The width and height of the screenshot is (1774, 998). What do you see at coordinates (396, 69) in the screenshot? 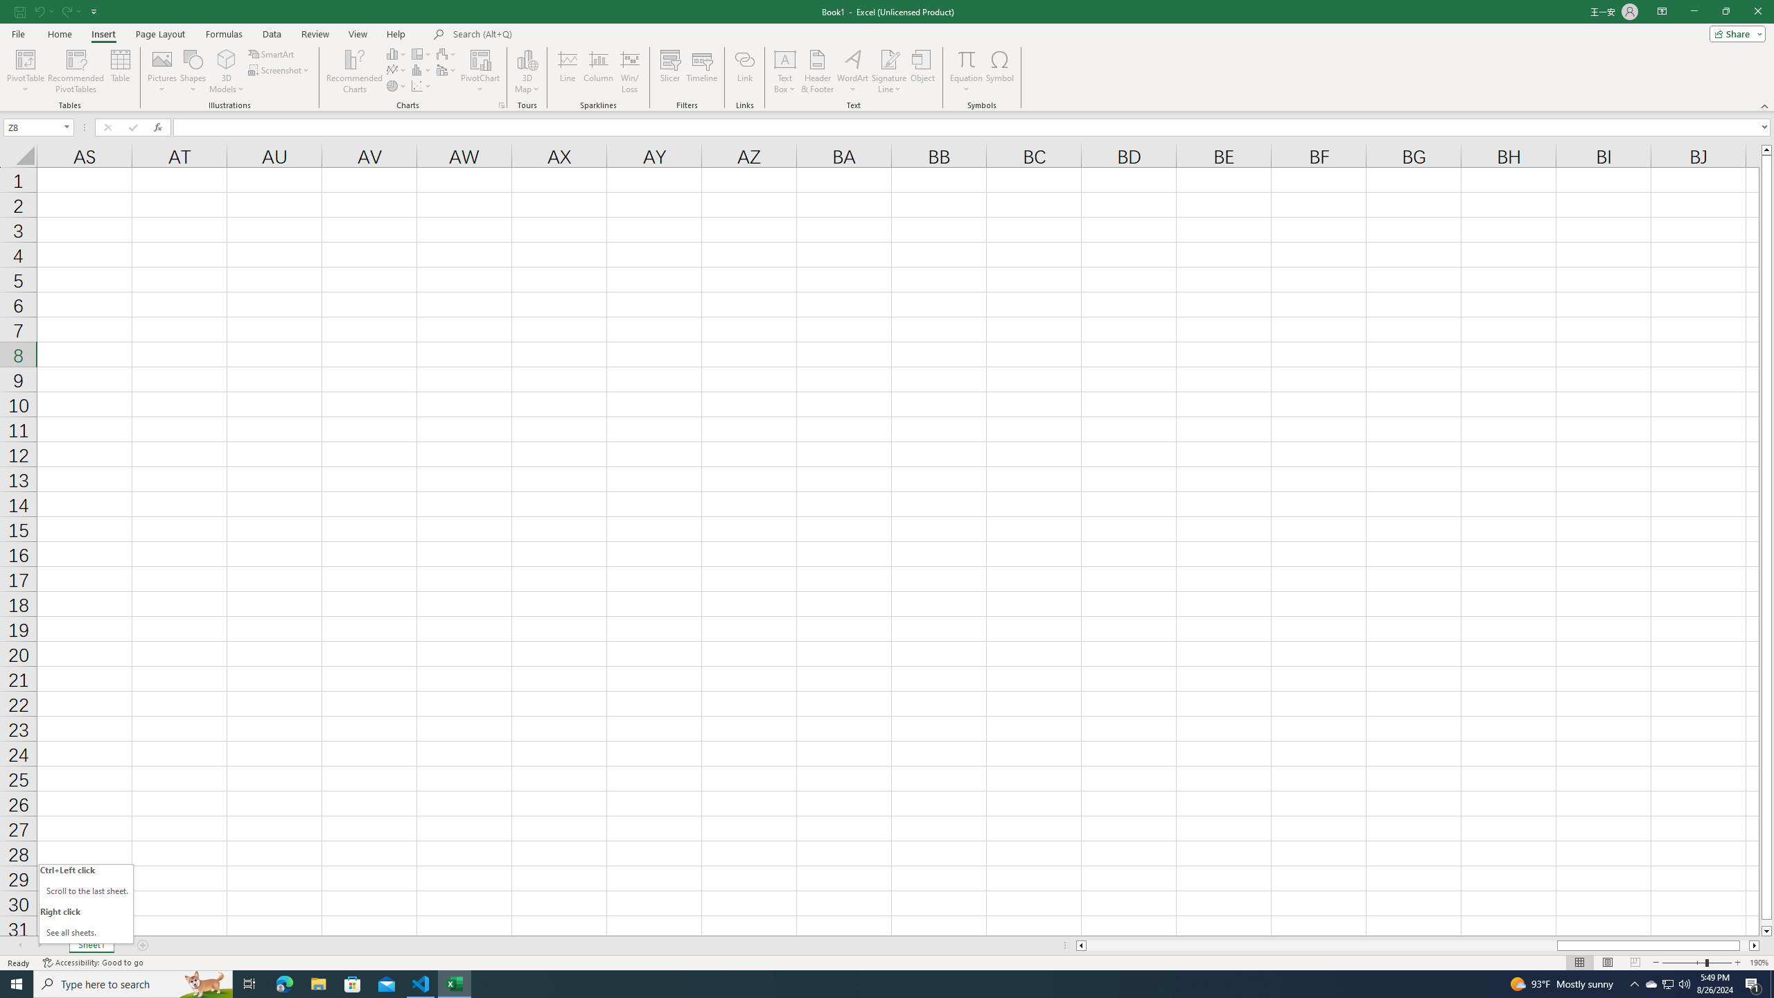
I see `'Insert Line or Area Chart'` at bounding box center [396, 69].